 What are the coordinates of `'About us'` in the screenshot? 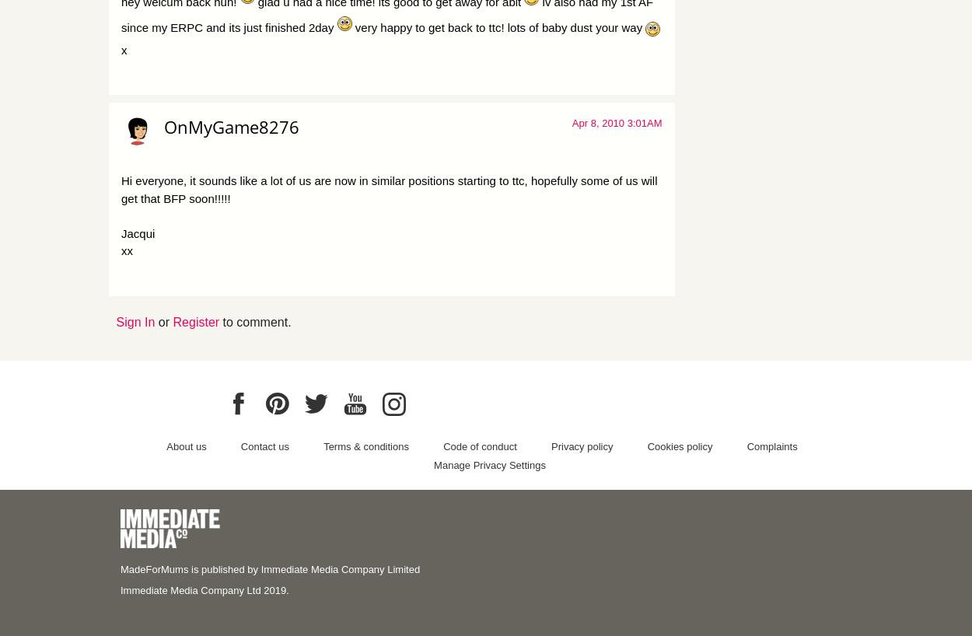 It's located at (185, 445).